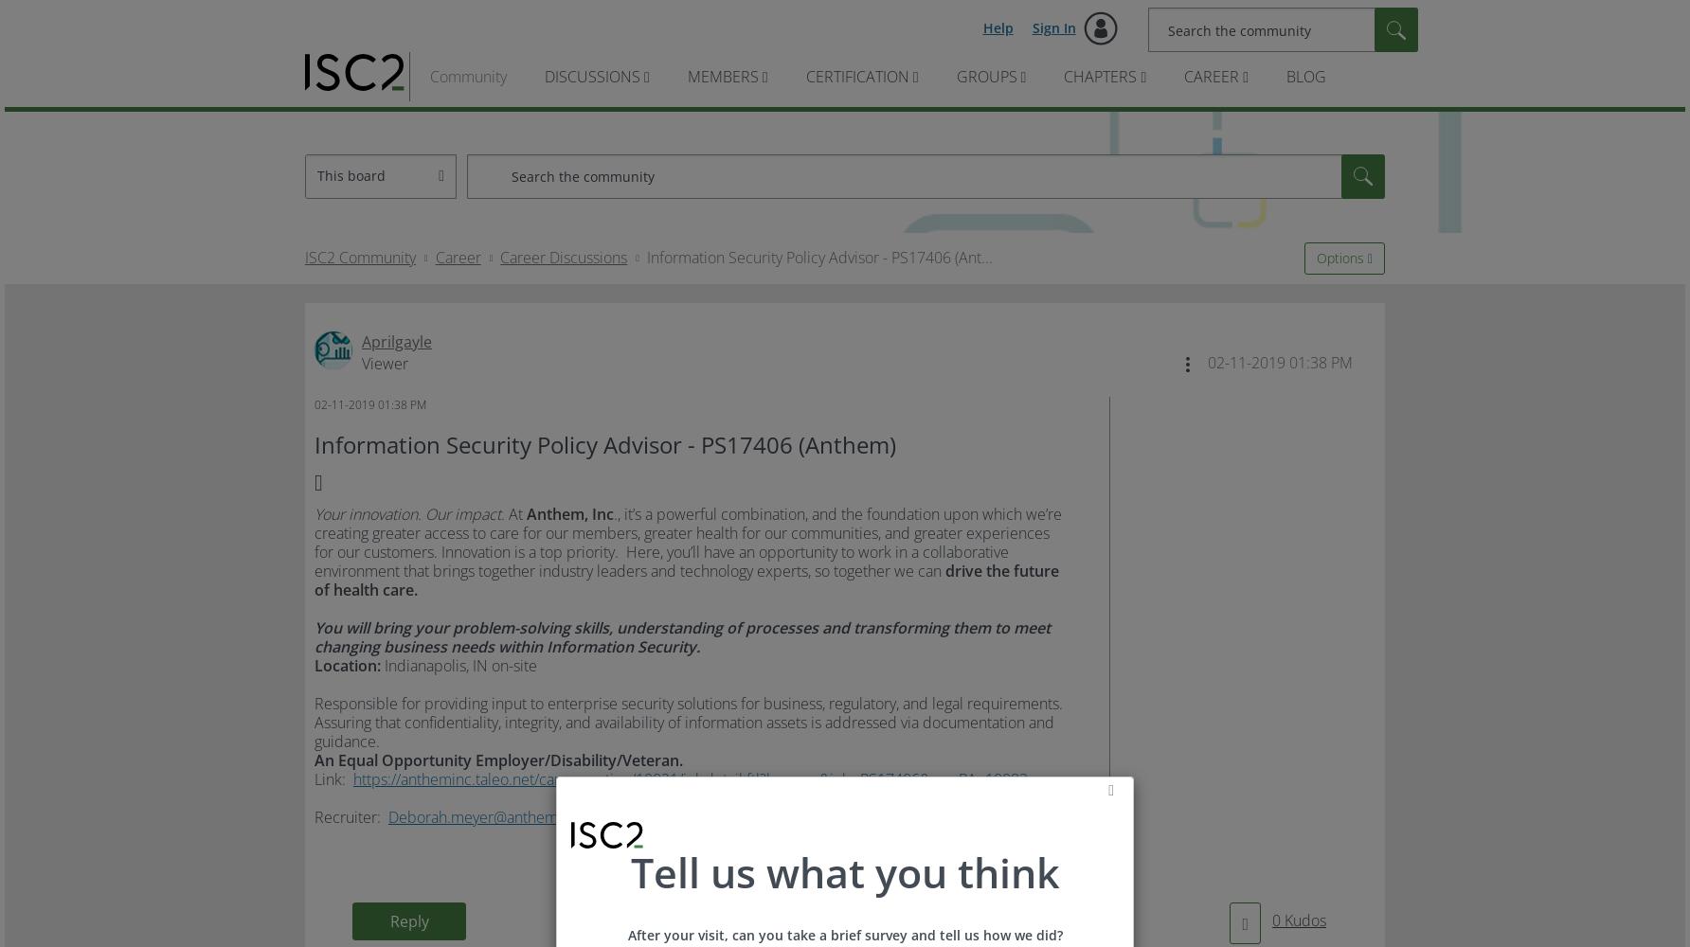 The image size is (1690, 947). Describe the element at coordinates (513, 514) in the screenshot. I see `'. At'` at that location.